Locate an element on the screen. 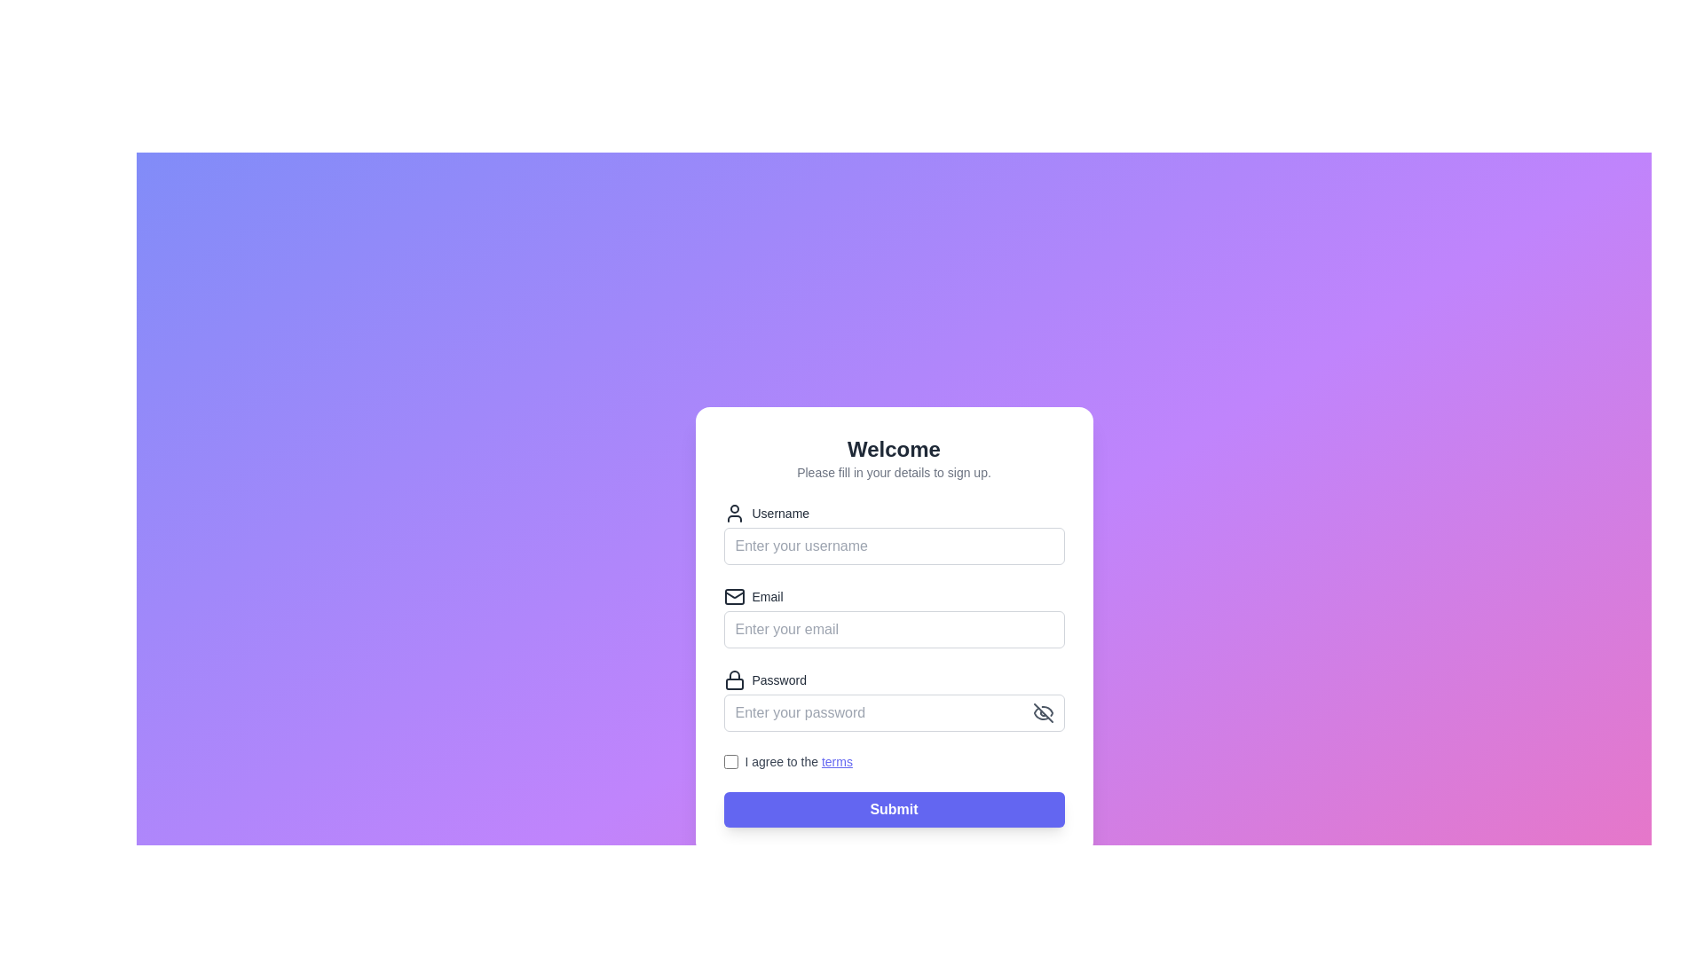 This screenshot has height=958, width=1704. the hyperlink at the bottom of the form interface that directs to the terms and conditions is located at coordinates (836, 761).